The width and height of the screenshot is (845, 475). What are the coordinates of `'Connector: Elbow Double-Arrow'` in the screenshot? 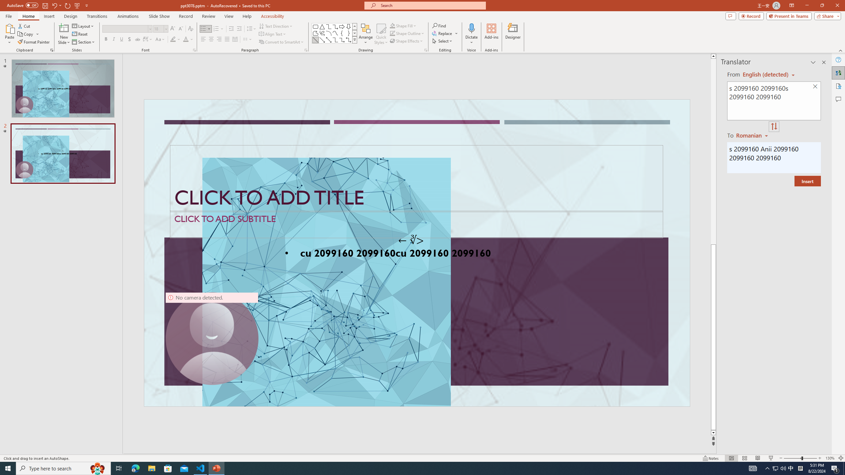 It's located at (348, 39).